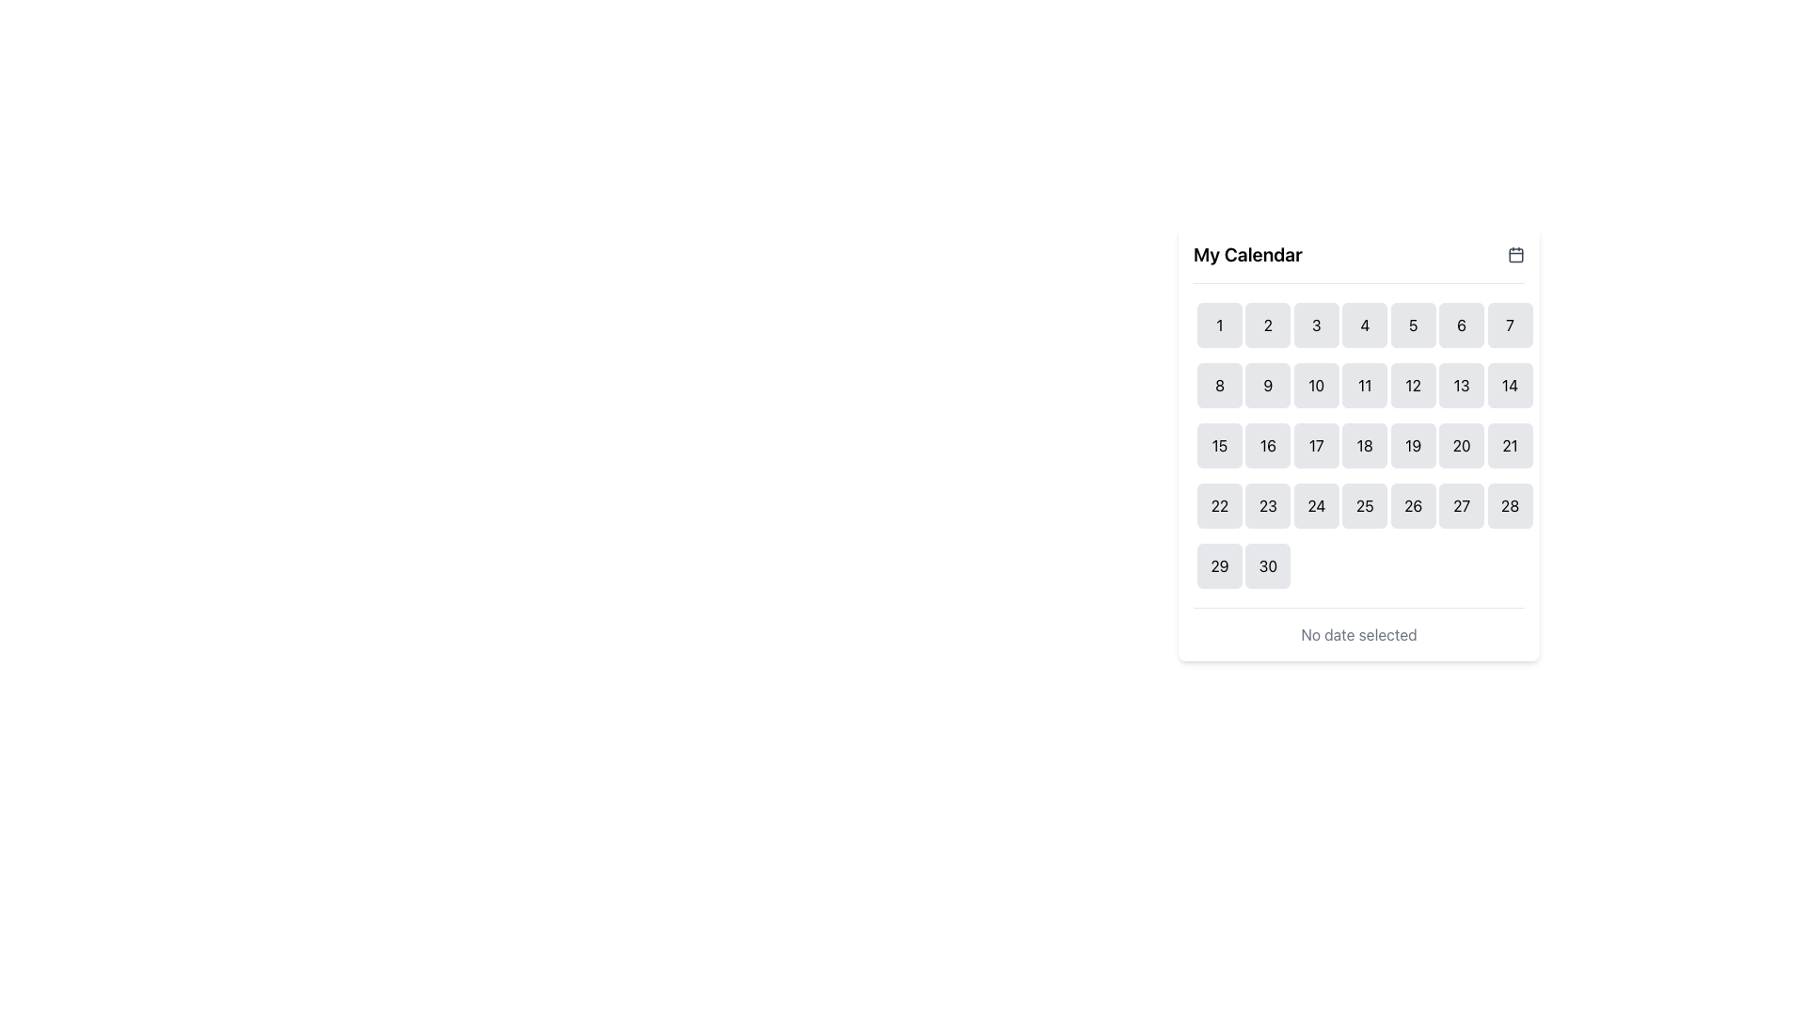 This screenshot has width=1806, height=1016. Describe the element at coordinates (1413, 504) in the screenshot. I see `the button representing the 26th day in the calendar interface` at that location.